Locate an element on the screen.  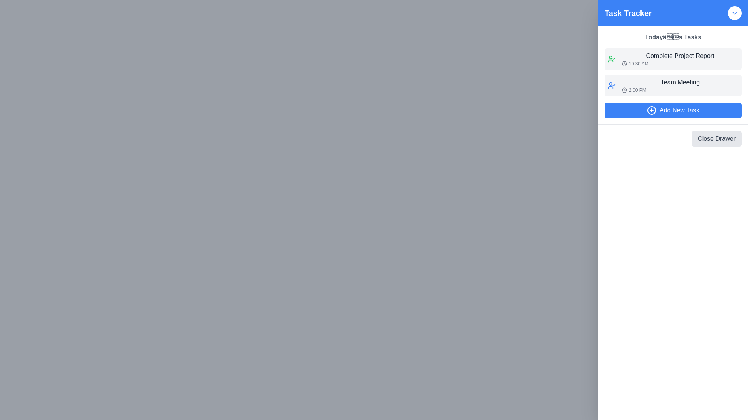
the button located at the bottom of the 'Today’s Tasks' section to trigger its hover effect is located at coordinates (673, 110).